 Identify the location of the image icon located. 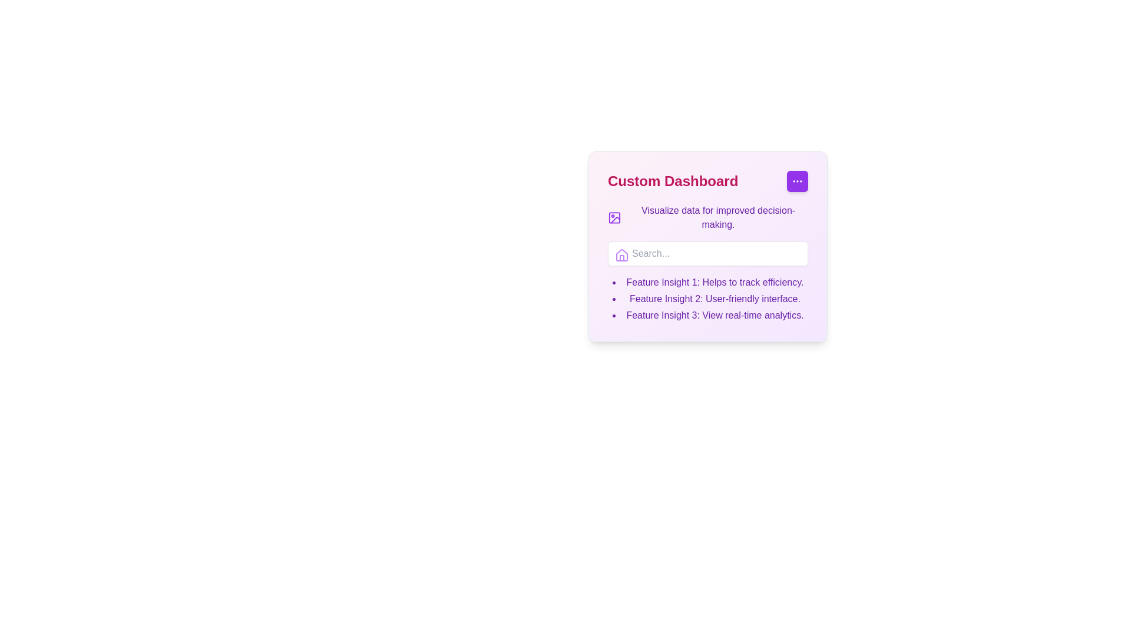
(614, 218).